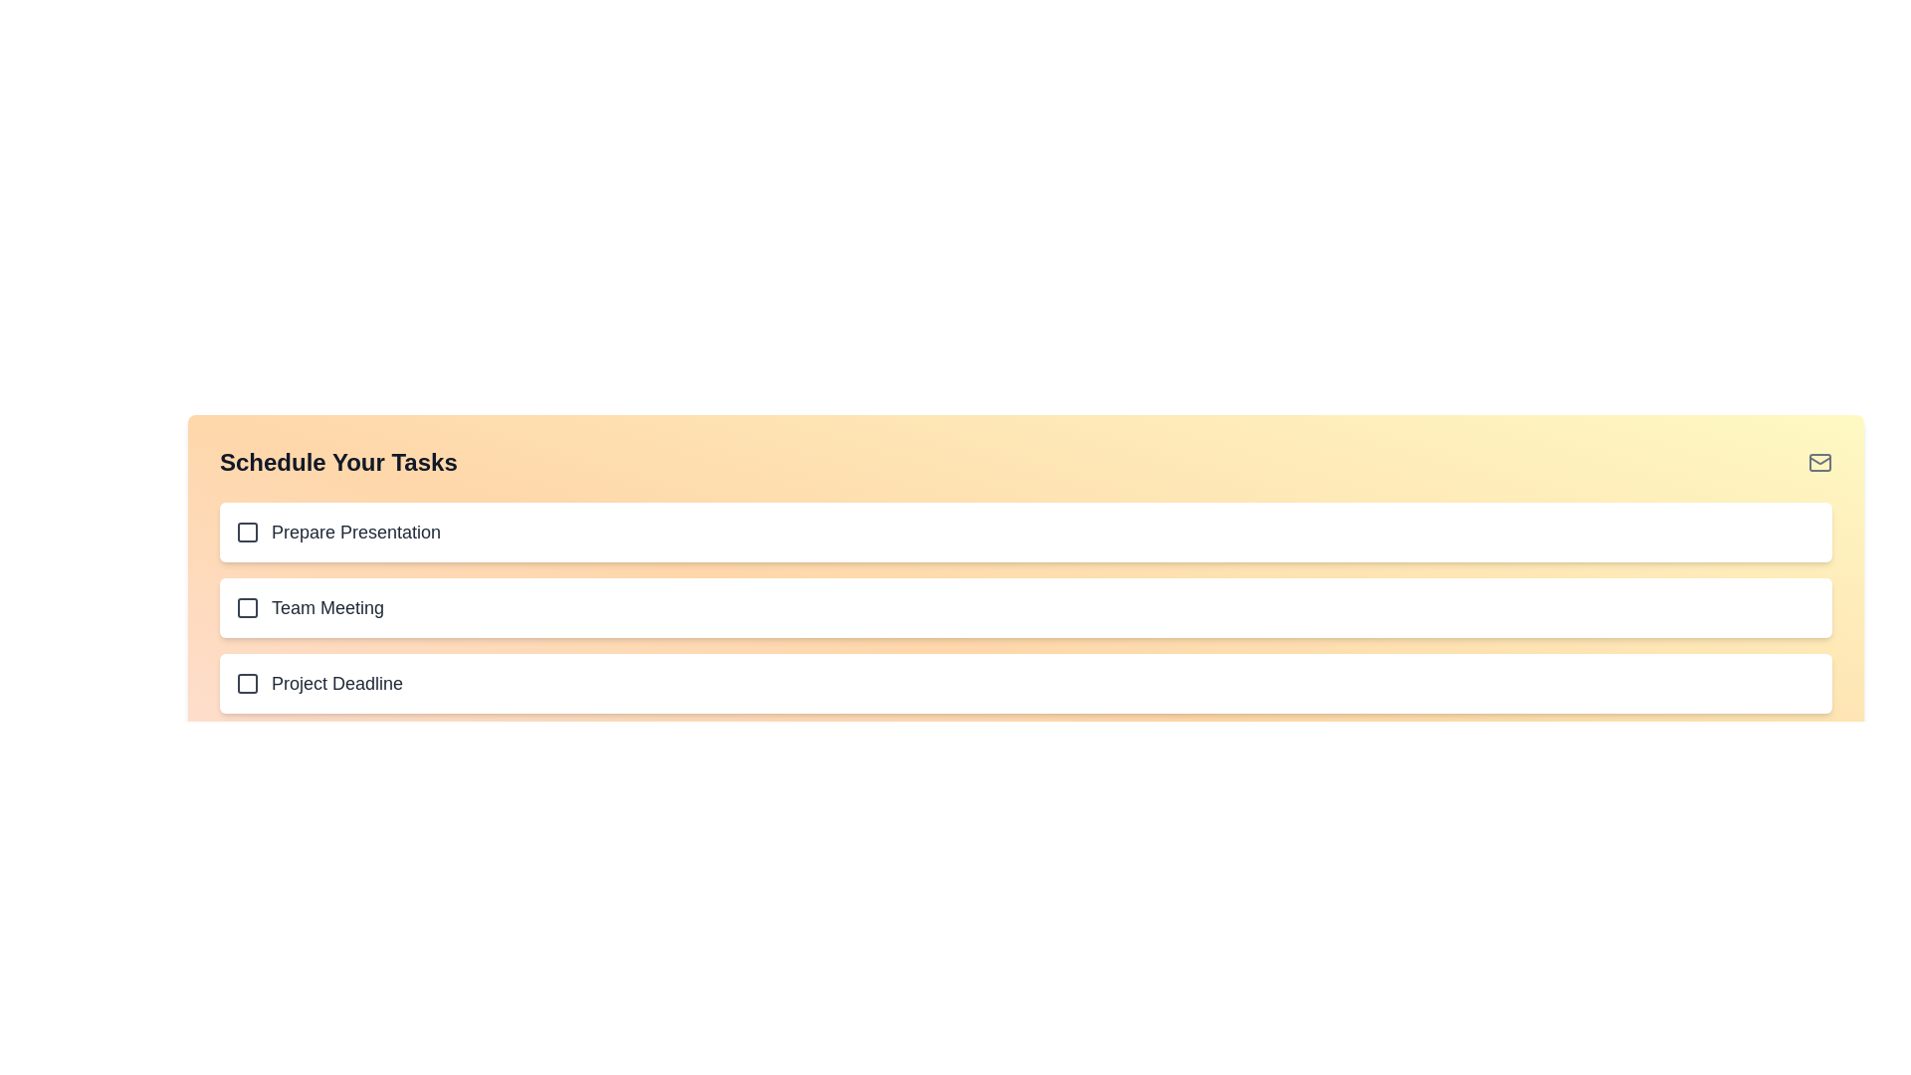 This screenshot has width=1911, height=1075. What do you see at coordinates (1819, 463) in the screenshot?
I see `SVG Rectangle that represents the main body of the envelope icon located in the top right corner of the interface` at bounding box center [1819, 463].